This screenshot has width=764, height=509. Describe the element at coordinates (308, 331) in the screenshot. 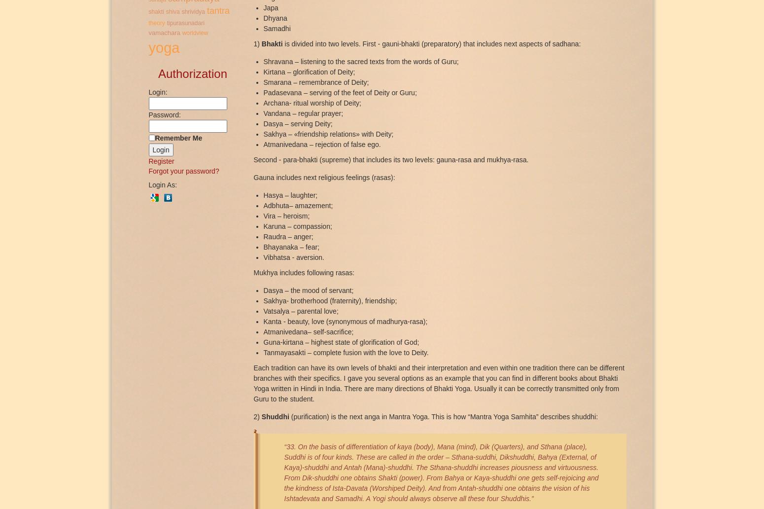

I see `'Atmanivedana– self-sacrifice;'` at that location.